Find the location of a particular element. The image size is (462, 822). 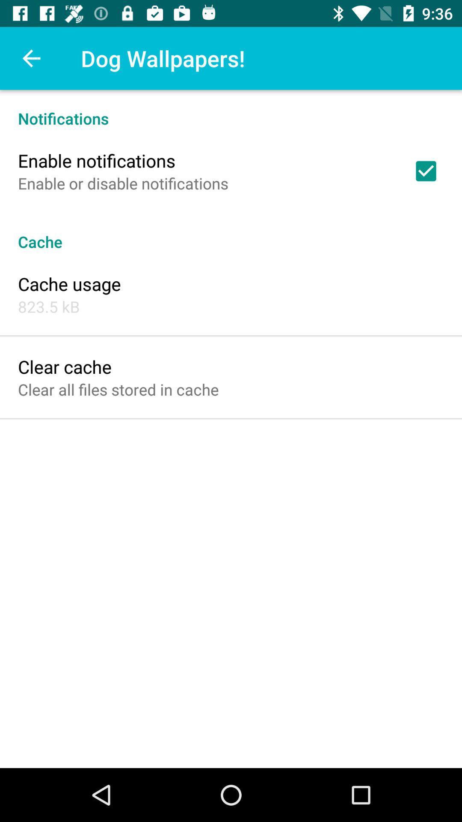

icon below the enable notifications item is located at coordinates (123, 183).